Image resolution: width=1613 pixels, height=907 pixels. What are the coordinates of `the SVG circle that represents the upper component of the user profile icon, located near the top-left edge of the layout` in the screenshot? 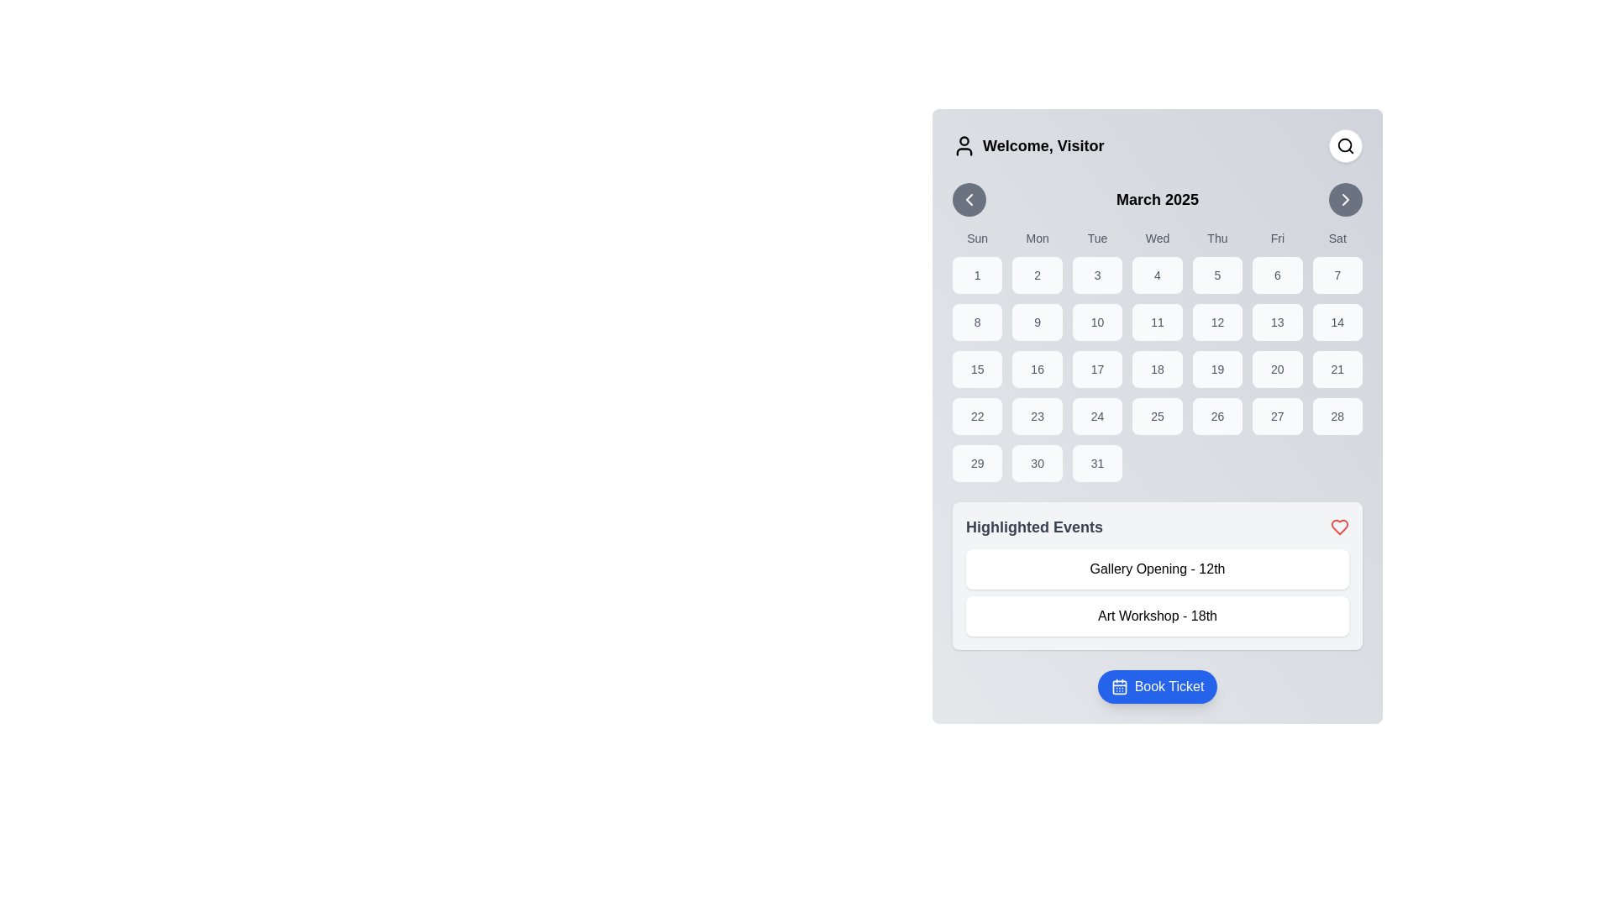 It's located at (964, 140).